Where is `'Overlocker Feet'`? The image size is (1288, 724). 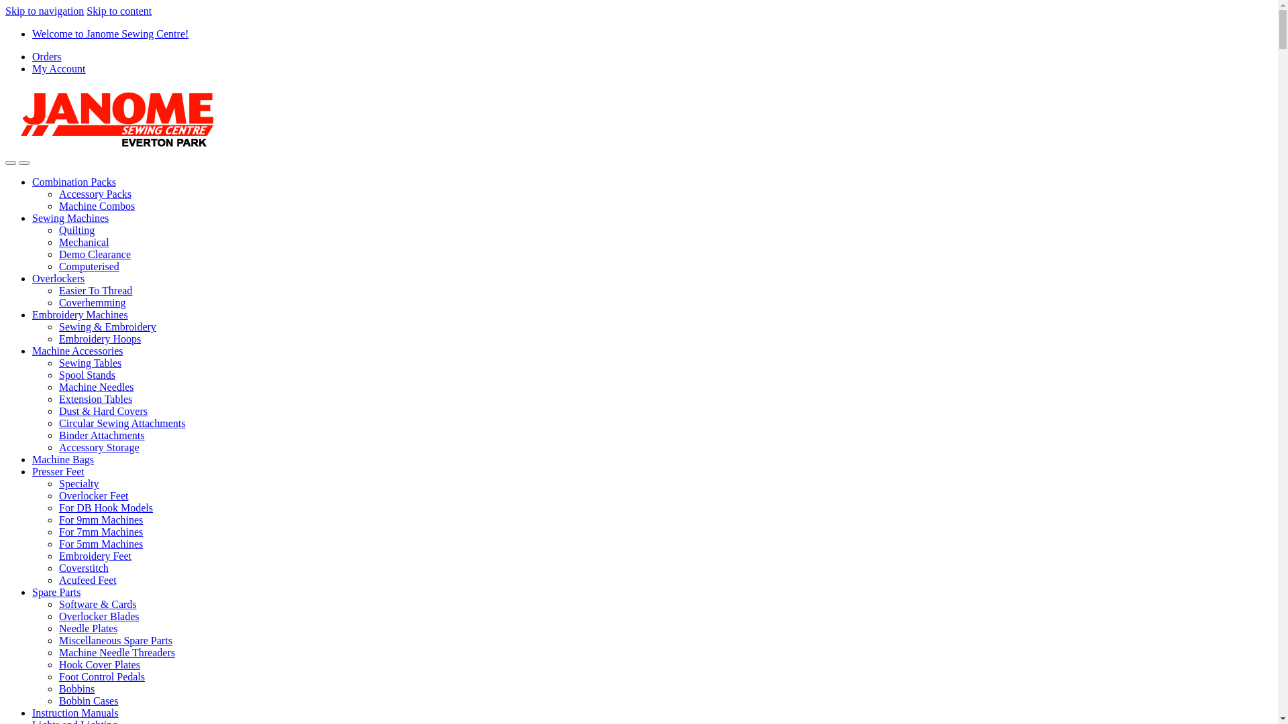 'Overlocker Feet' is located at coordinates (58, 495).